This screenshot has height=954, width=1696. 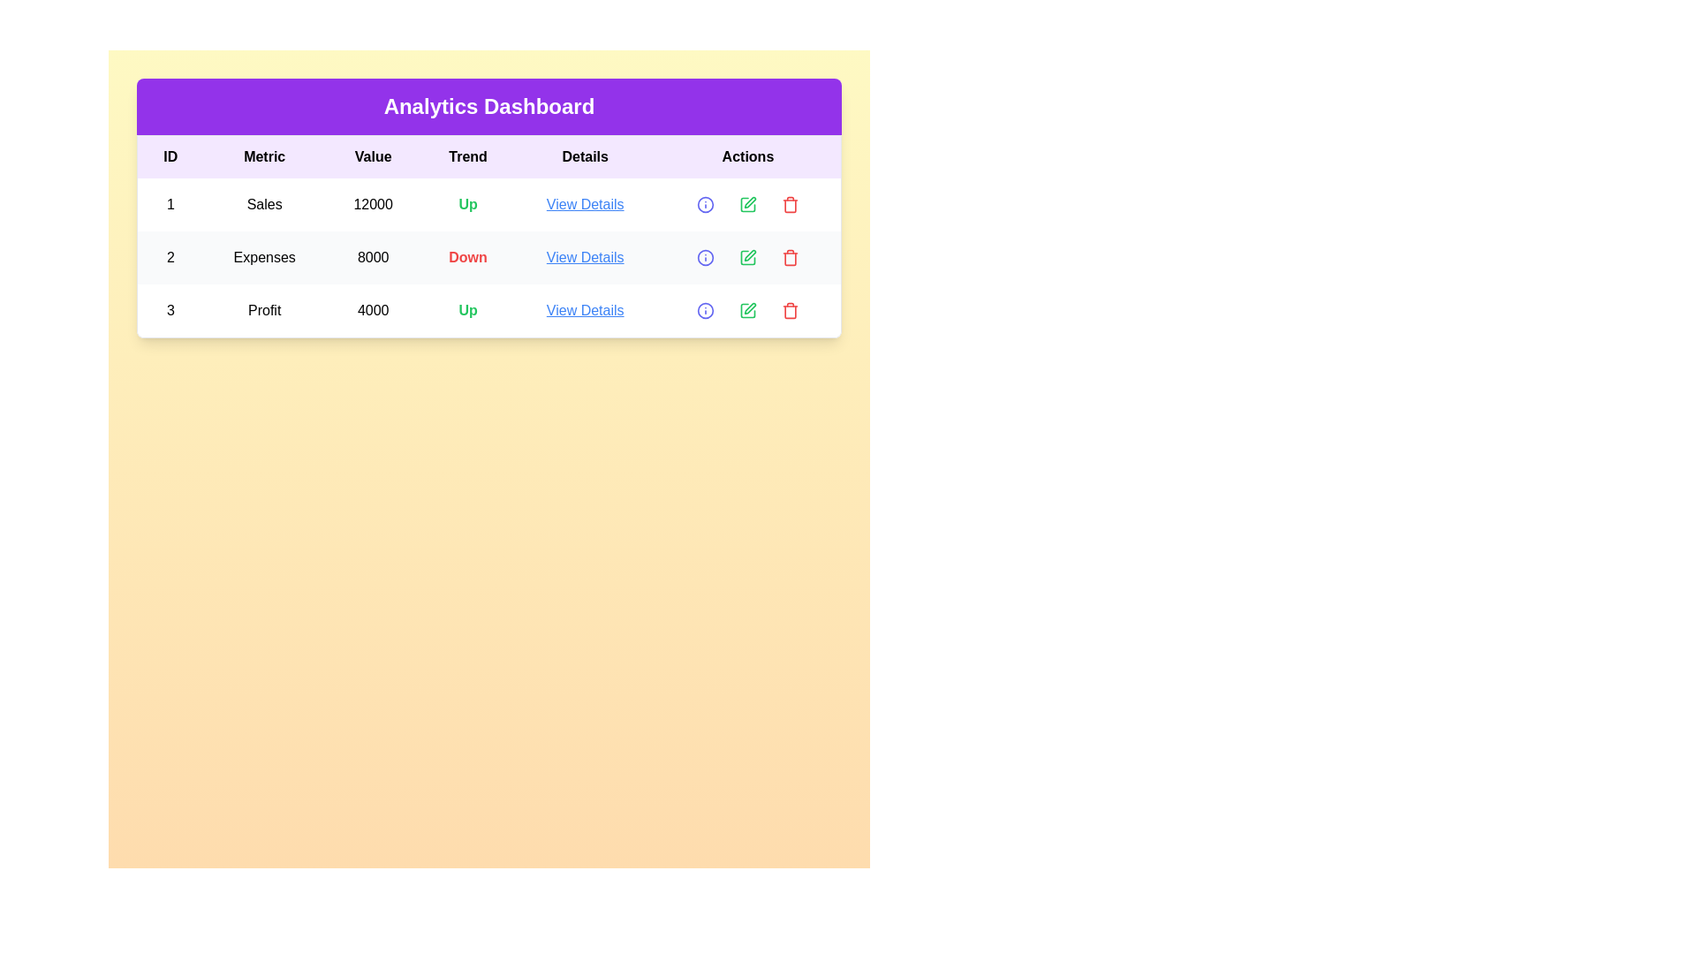 What do you see at coordinates (747, 258) in the screenshot?
I see `the edit icon represented by a square in the Actions column of the second row of the table, performing the associated action` at bounding box center [747, 258].